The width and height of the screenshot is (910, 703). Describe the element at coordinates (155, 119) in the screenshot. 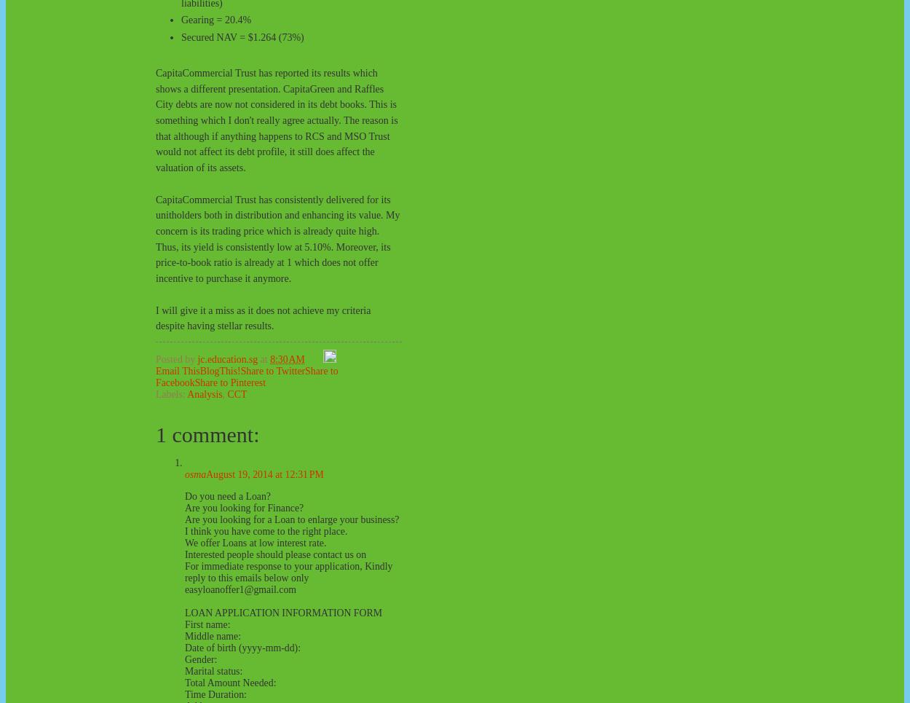

I see `'CapitaCommercial Trust has reported its results which shows a different presentation. CapitaGreen and Raffles City debts are now not considered in its debt books. This is something which I don't really agree actually. The reason is that although if anything happens to RCS and MSO Trust would not affect its debt profile, it still does affect the valuation of its assets.'` at that location.